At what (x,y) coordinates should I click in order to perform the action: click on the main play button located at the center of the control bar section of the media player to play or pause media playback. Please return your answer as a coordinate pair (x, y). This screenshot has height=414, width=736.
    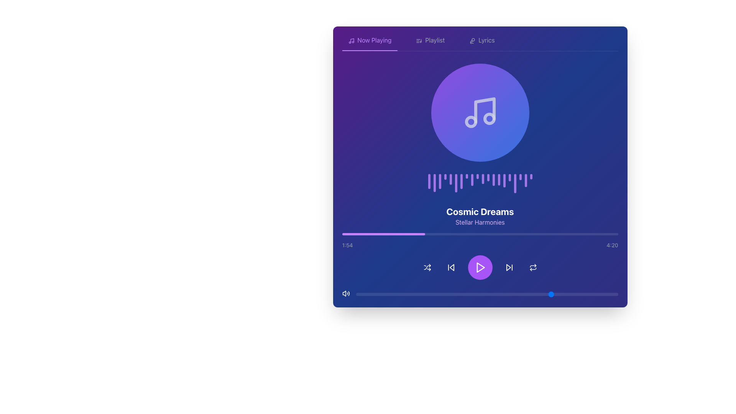
    Looking at the image, I should click on (480, 267).